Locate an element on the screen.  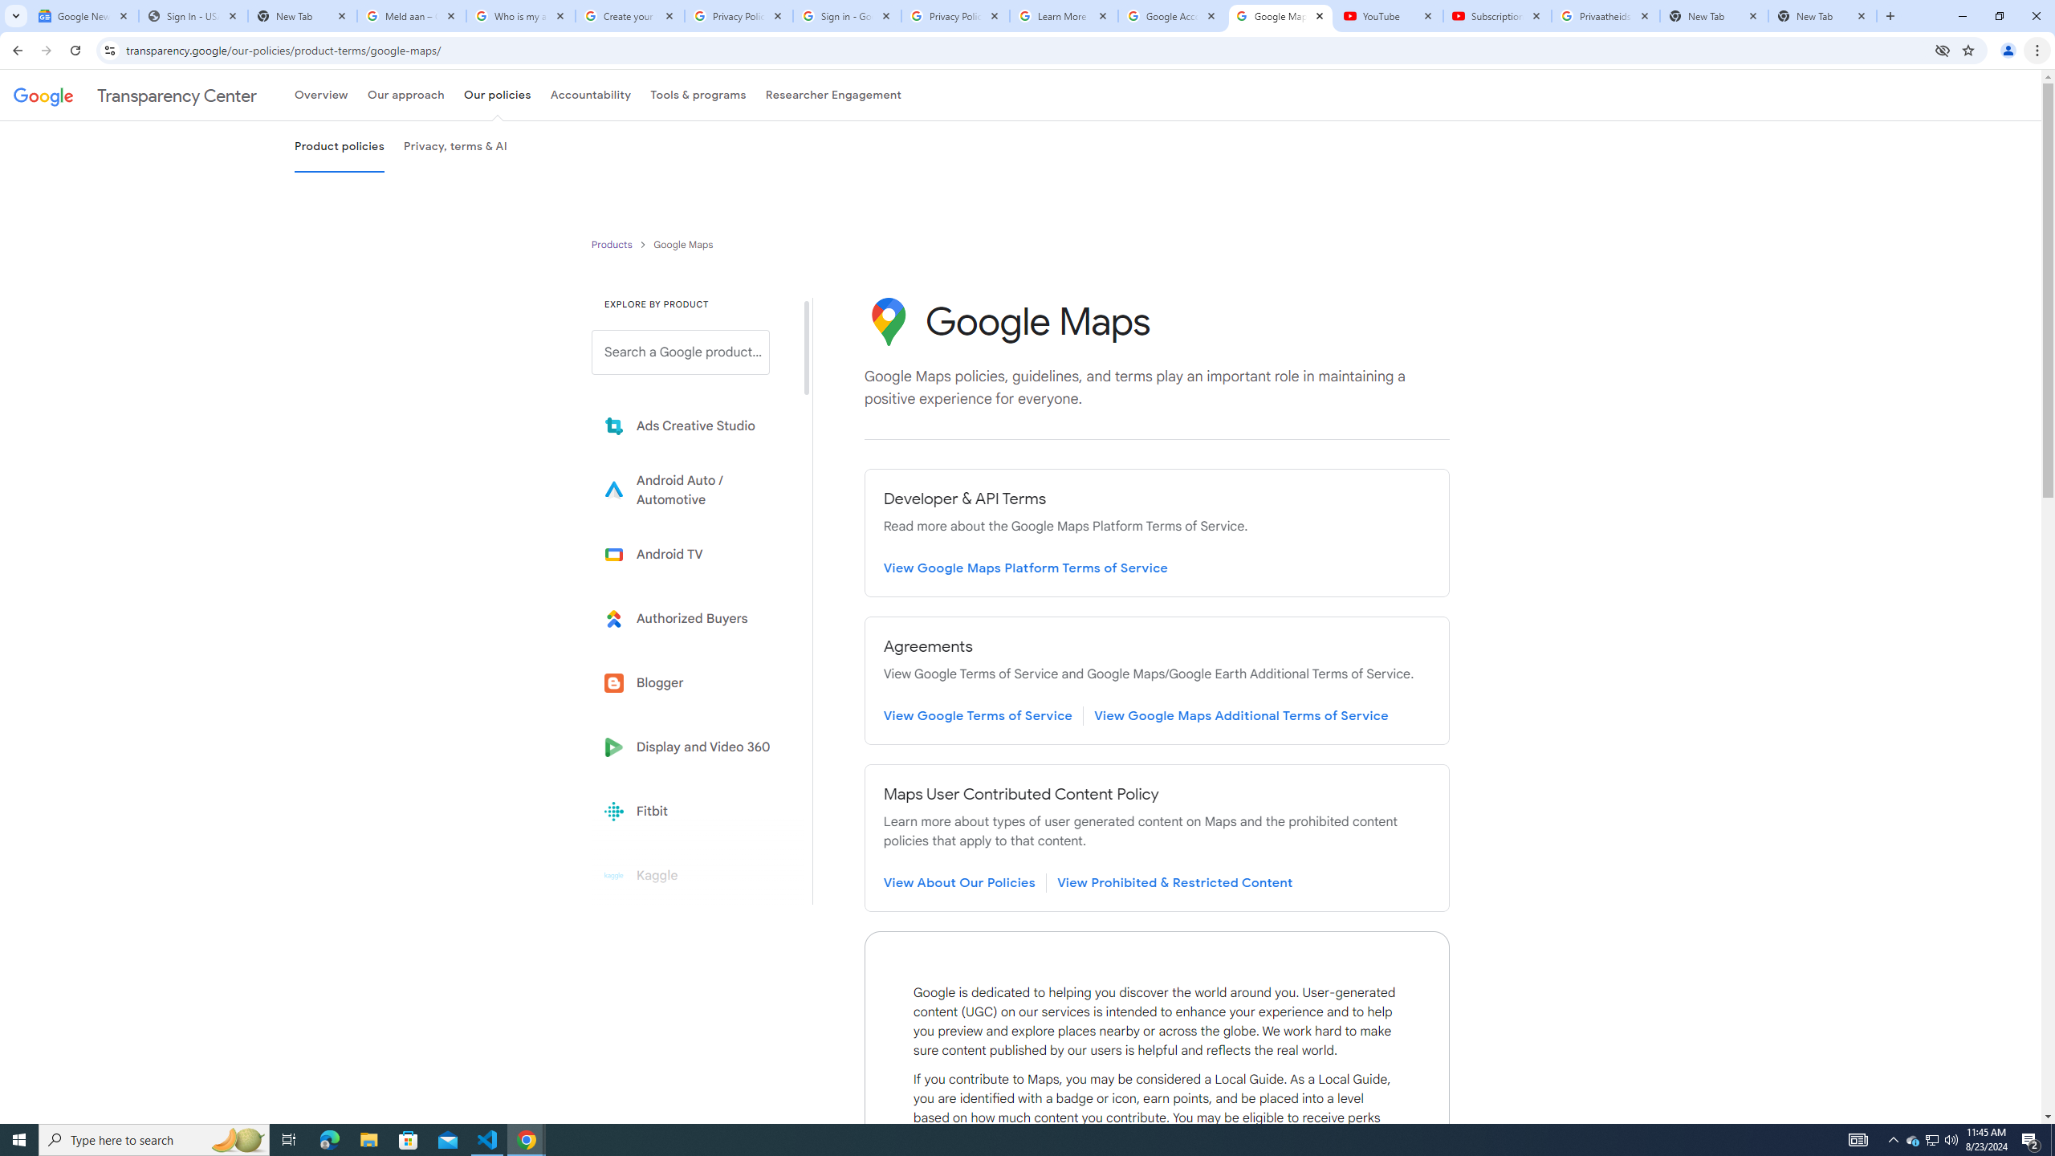
'Learn more about Android TV' is located at coordinates (691, 554).